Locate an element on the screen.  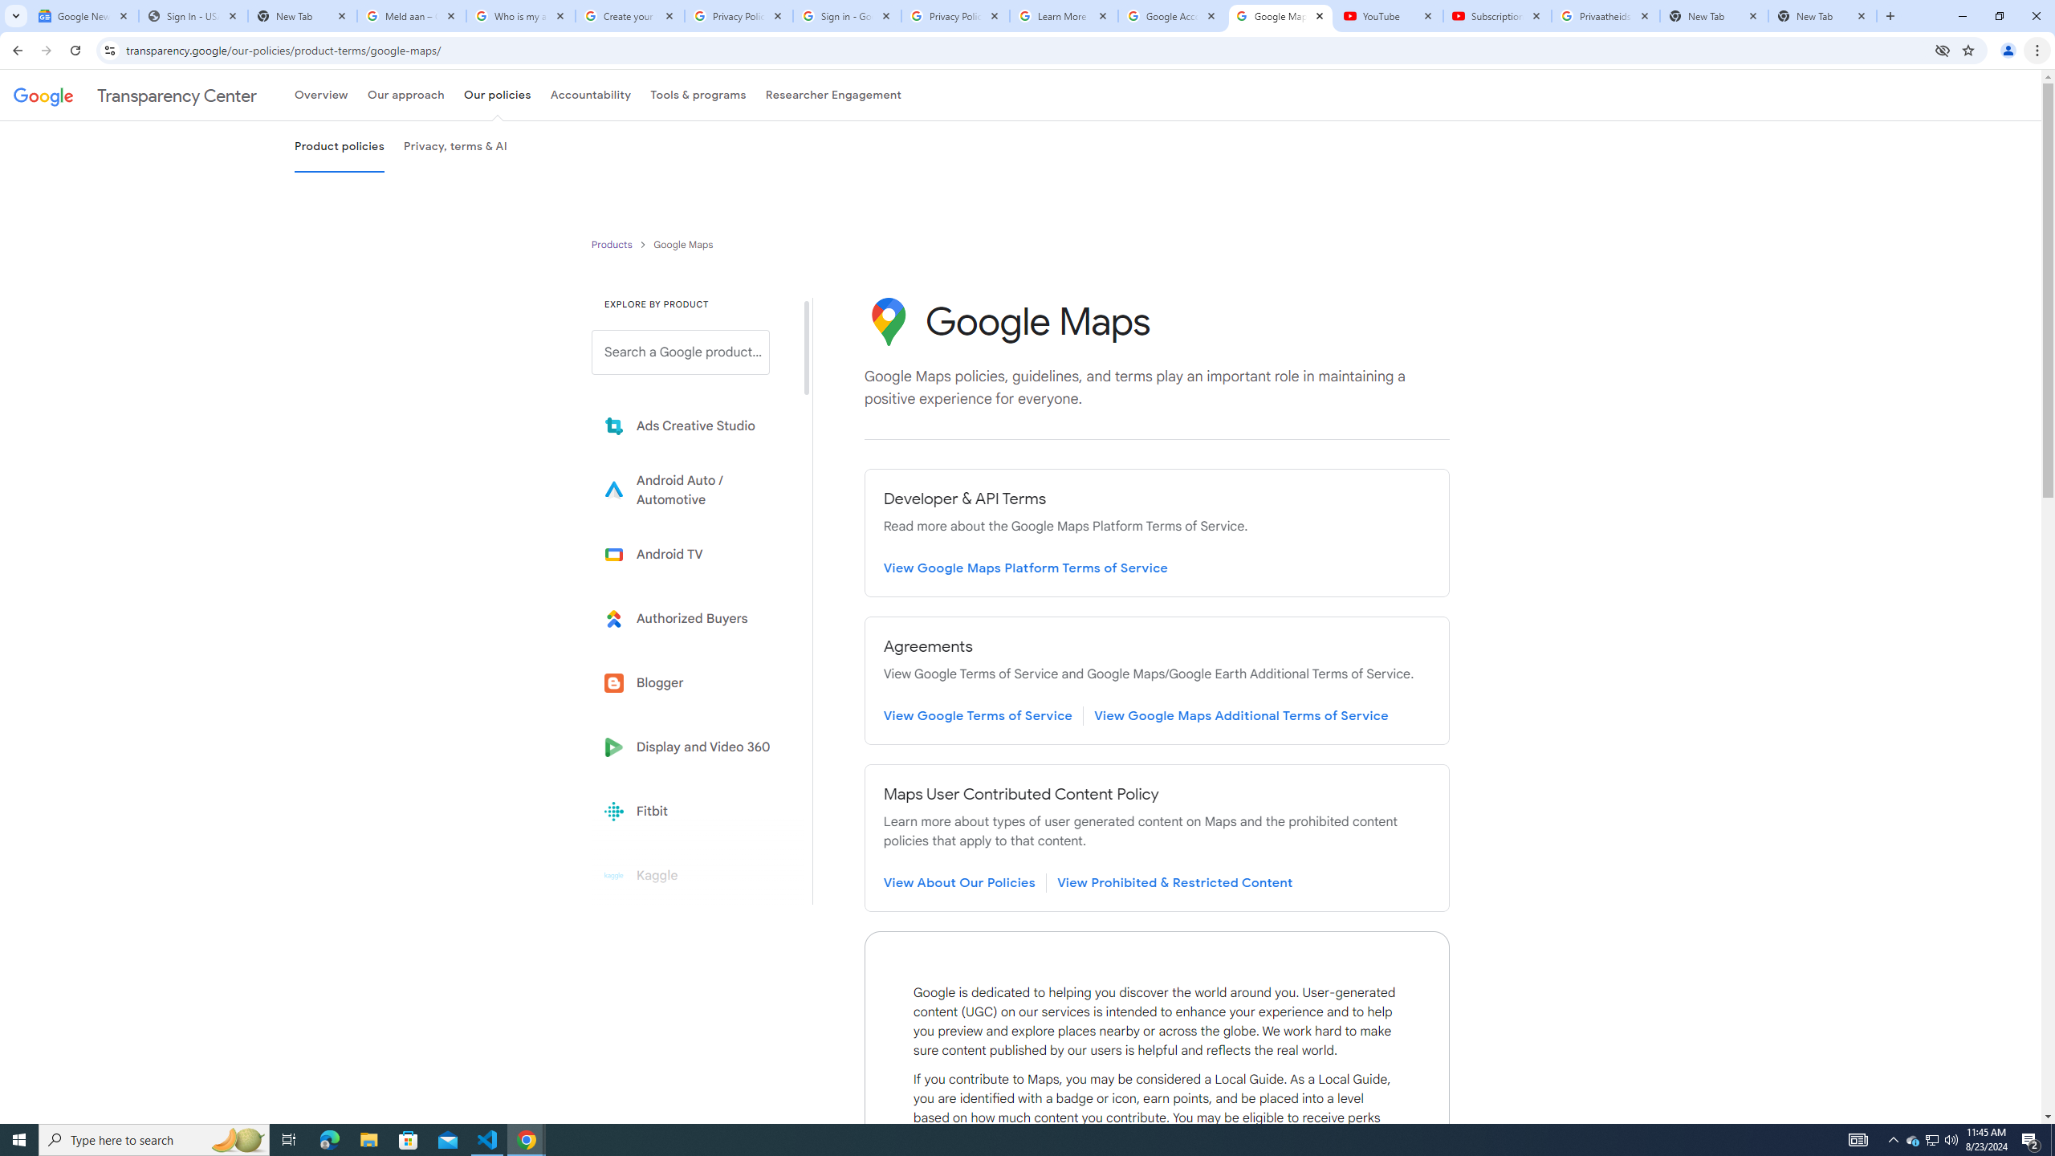
'Learn more about Android TV' is located at coordinates (691, 554).